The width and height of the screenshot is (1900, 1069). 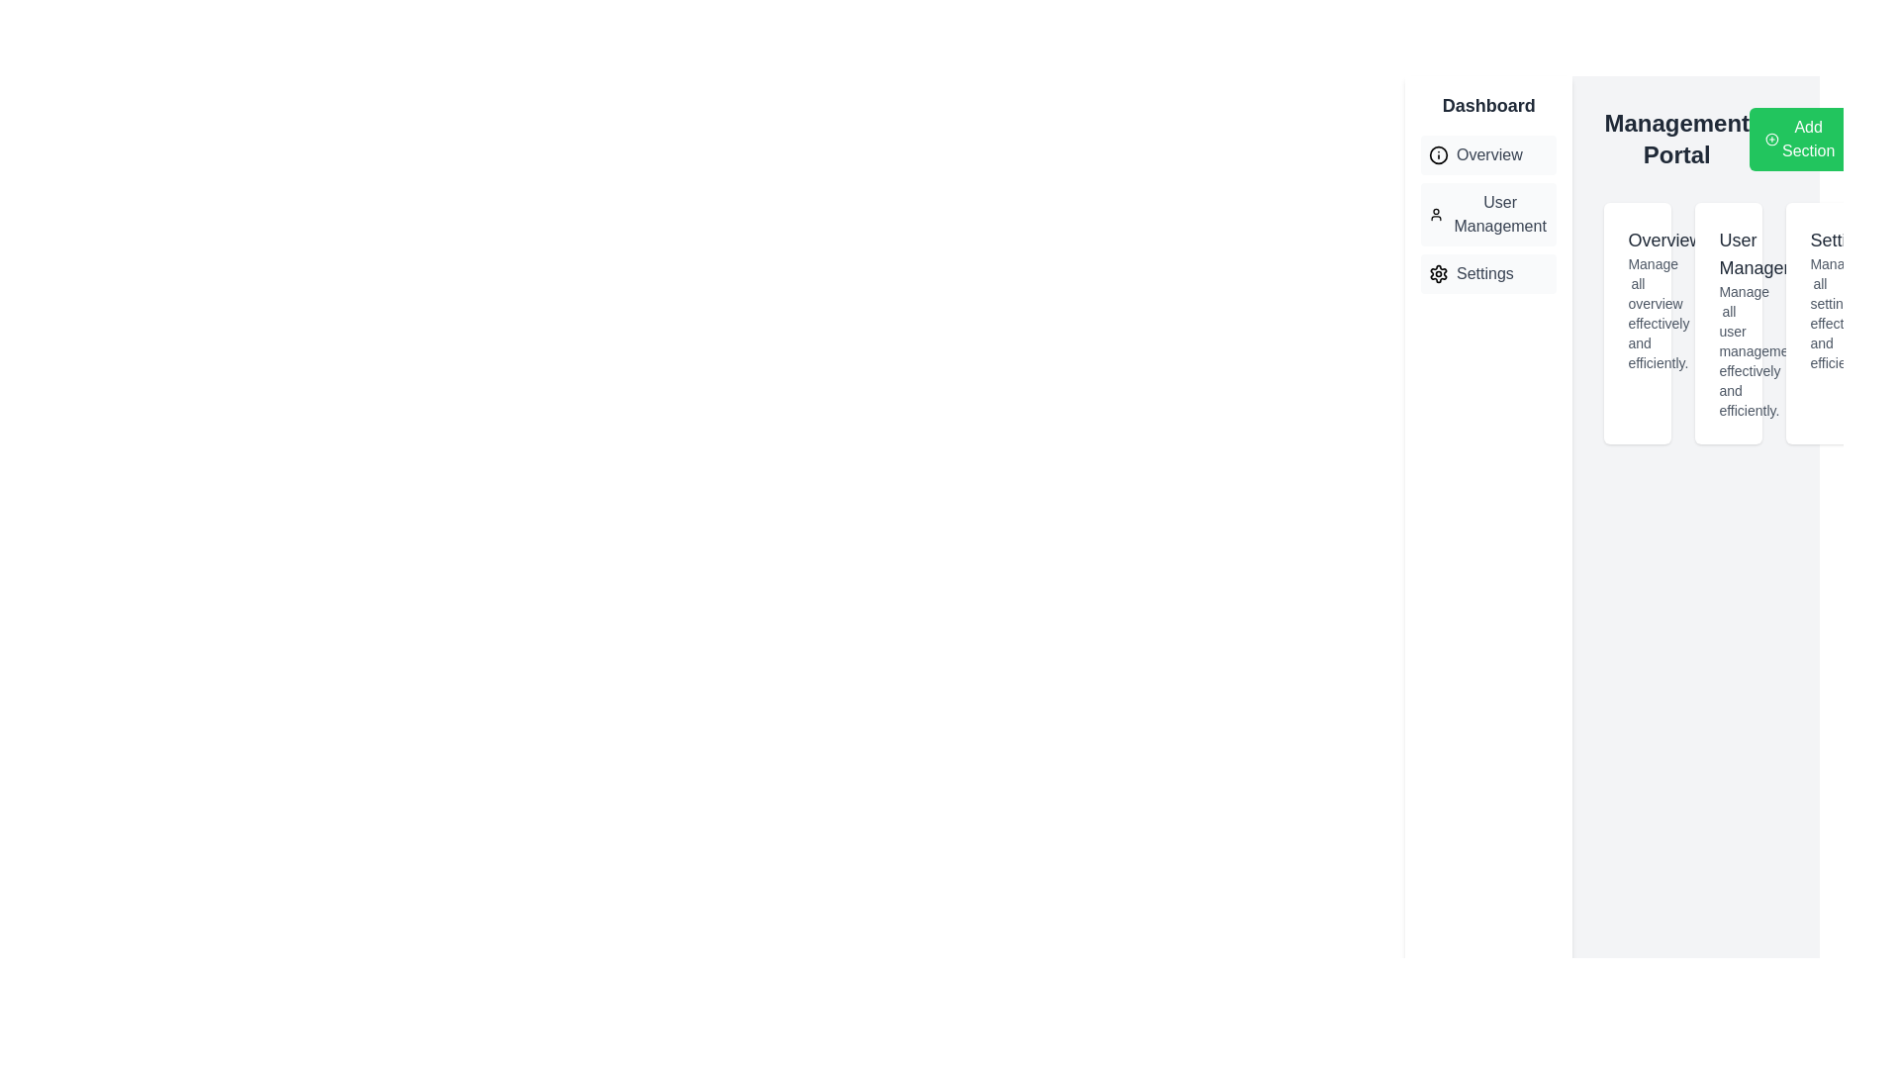 What do you see at coordinates (1484, 274) in the screenshot?
I see `the 'Settings' text label located in the left sidebar, which serves as a title for the adjacent settings icon` at bounding box center [1484, 274].